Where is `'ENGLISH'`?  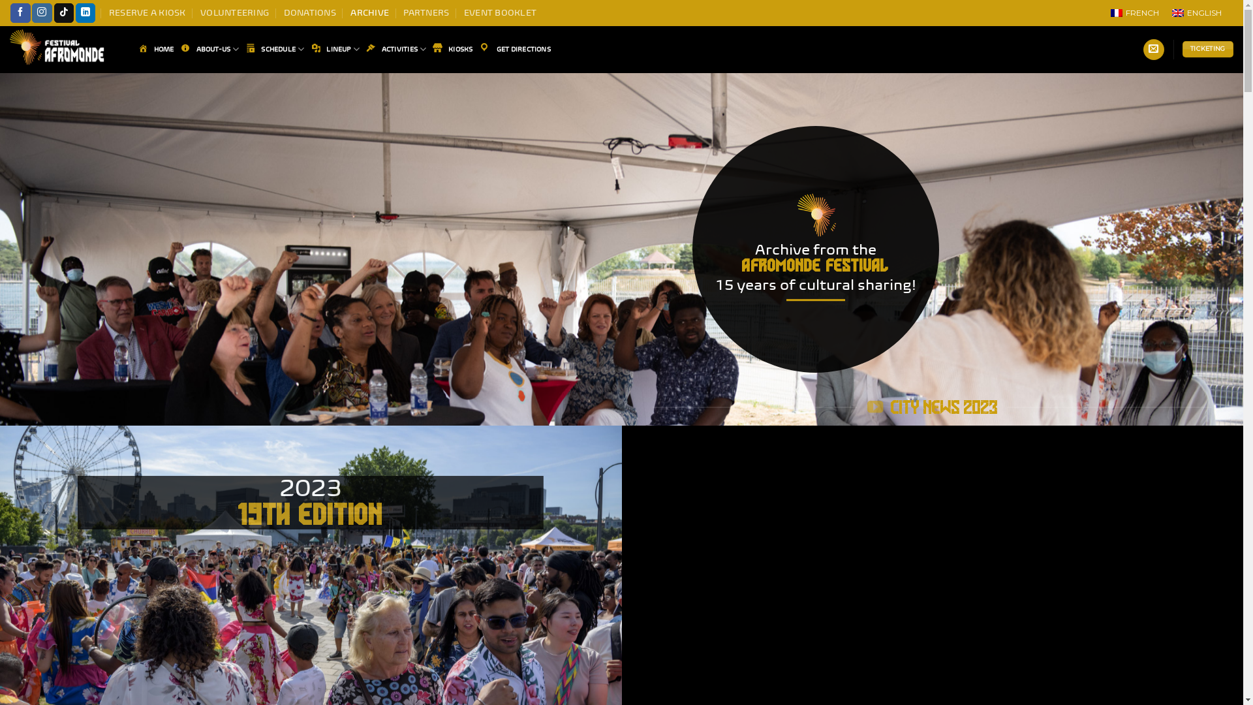
'ENGLISH' is located at coordinates (1165, 12).